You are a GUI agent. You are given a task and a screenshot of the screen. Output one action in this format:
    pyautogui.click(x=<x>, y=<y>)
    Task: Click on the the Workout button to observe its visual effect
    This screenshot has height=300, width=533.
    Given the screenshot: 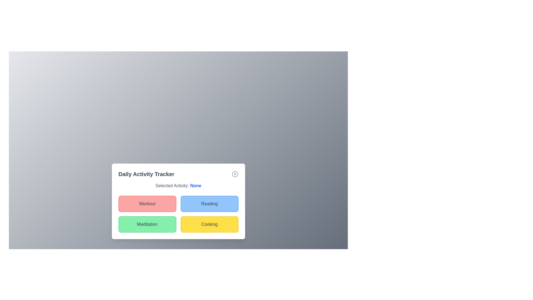 What is the action you would take?
    pyautogui.click(x=147, y=204)
    